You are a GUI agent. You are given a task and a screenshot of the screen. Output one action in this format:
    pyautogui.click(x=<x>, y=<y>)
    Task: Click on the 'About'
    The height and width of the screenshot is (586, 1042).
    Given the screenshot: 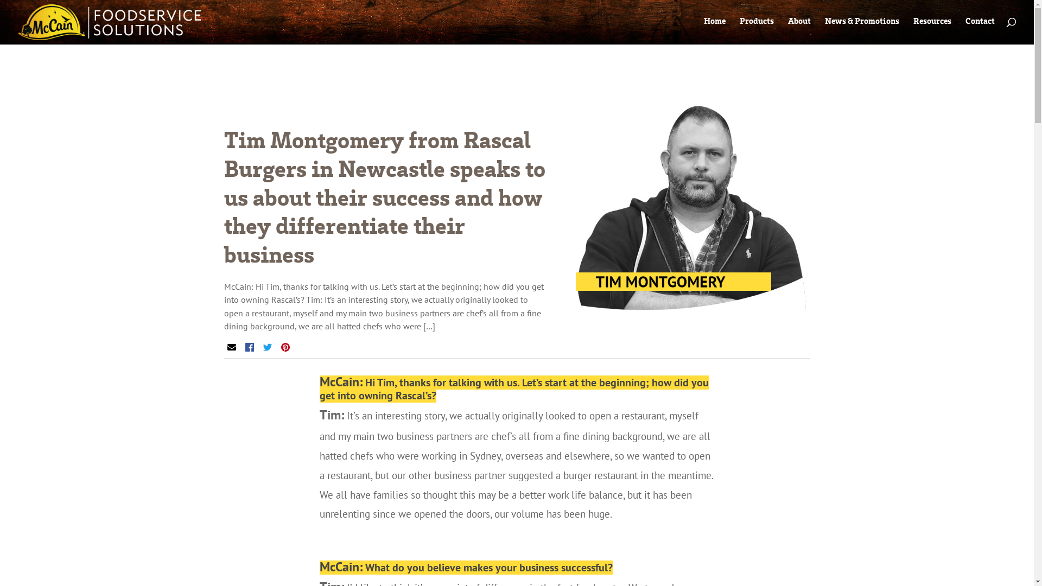 What is the action you would take?
    pyautogui.click(x=799, y=23)
    